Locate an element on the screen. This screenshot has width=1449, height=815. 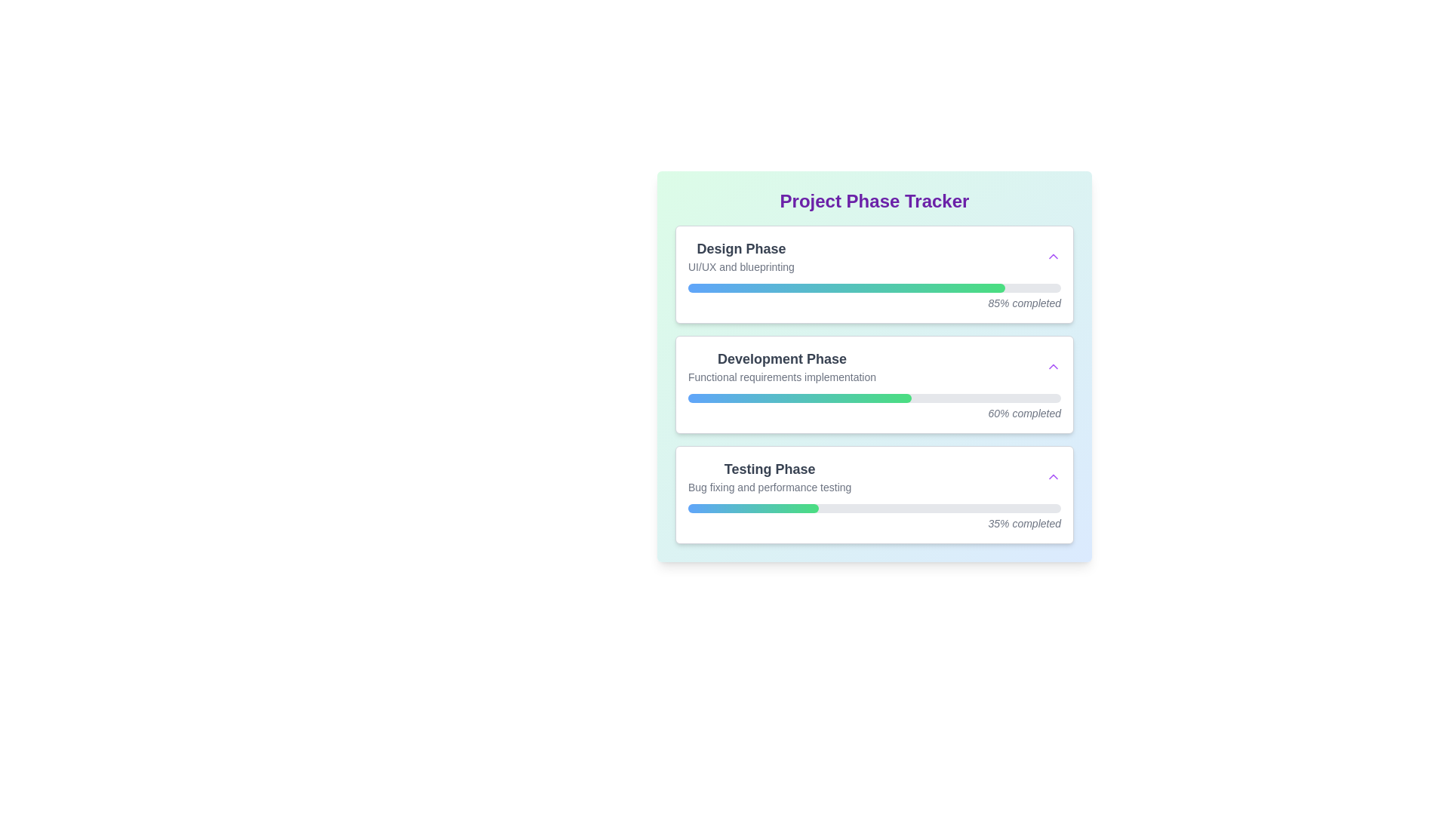
the progress bar indicating 60% completion in the 'Development Phase' of the 'Project Phase Tracker' interface is located at coordinates (874, 407).